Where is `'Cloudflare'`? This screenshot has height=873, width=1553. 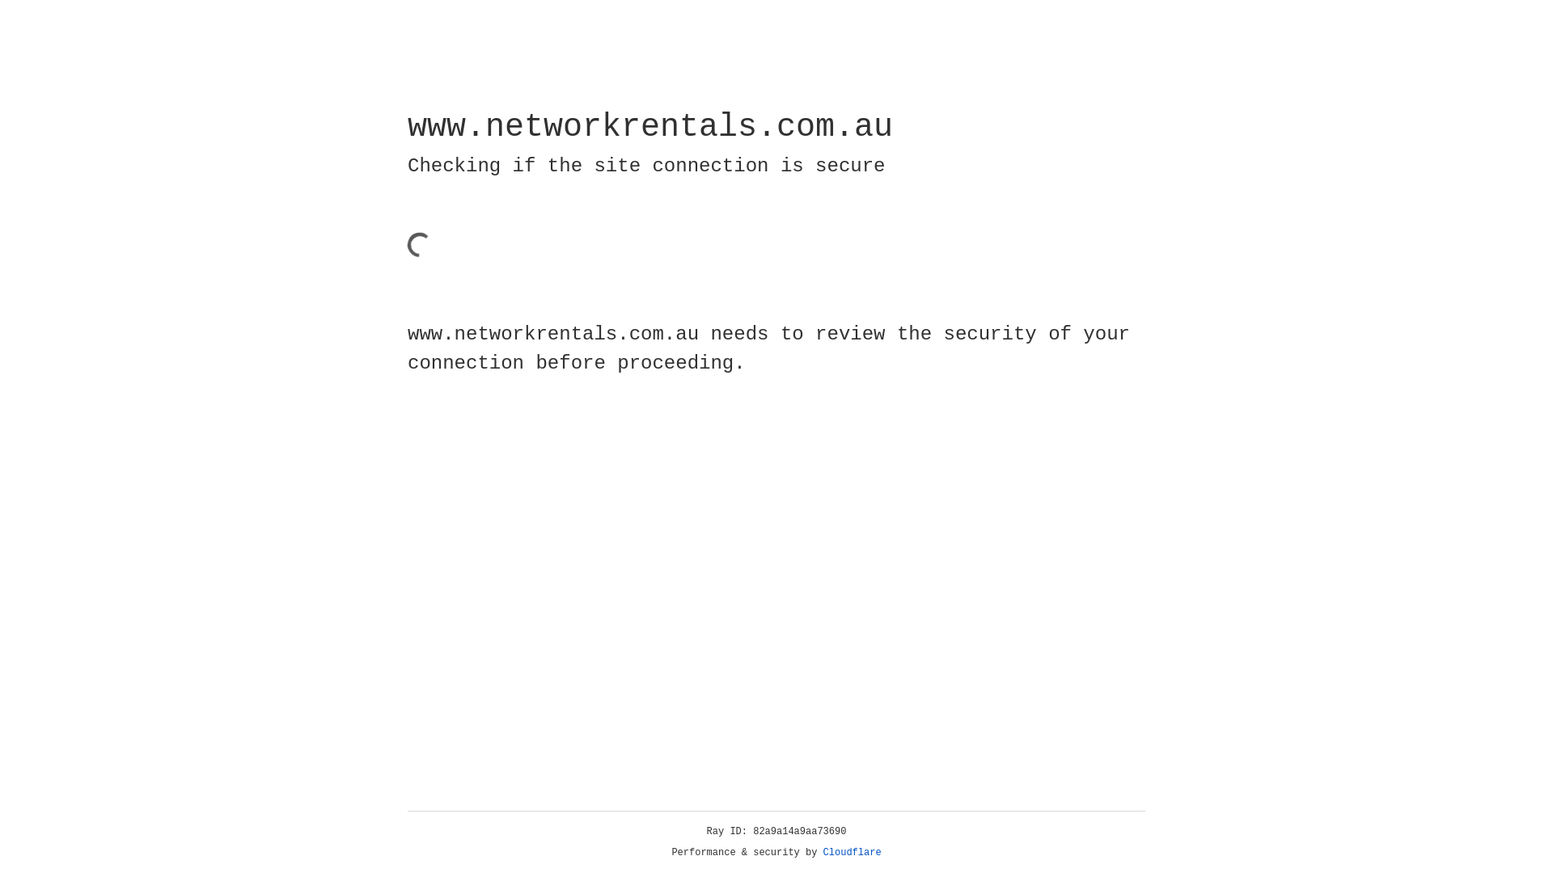
'Cloudflare' is located at coordinates (823, 852).